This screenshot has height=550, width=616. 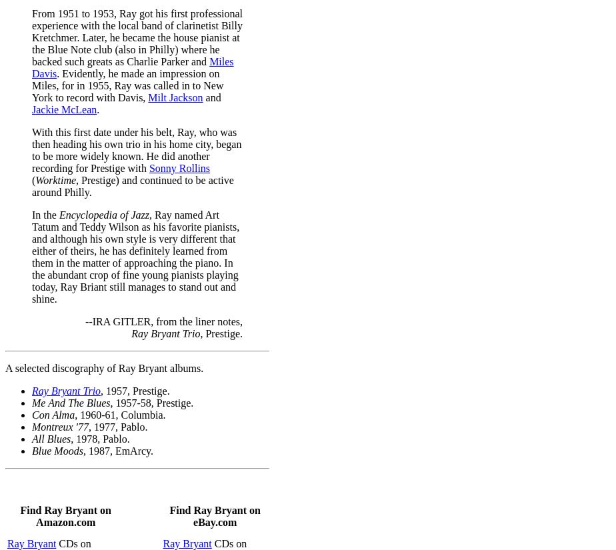 What do you see at coordinates (133, 185) in the screenshot?
I see `', Prestige) and continued to be active around Philly.'` at bounding box center [133, 185].